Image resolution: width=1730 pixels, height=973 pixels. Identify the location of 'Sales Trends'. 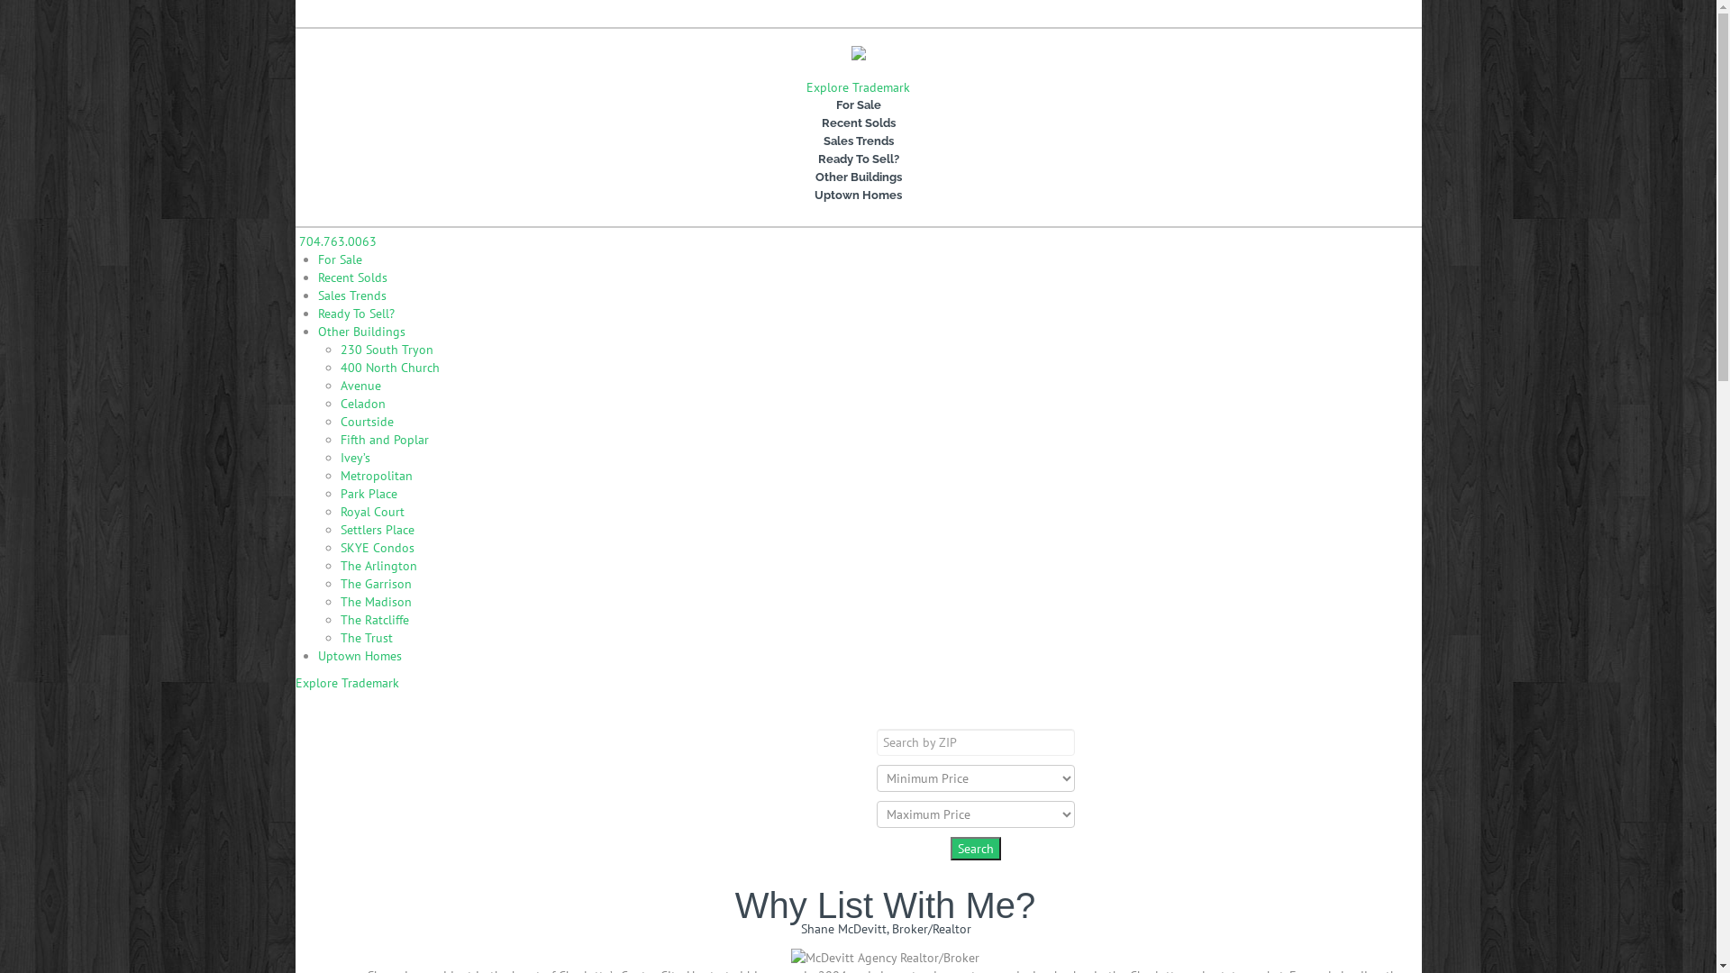
(858, 141).